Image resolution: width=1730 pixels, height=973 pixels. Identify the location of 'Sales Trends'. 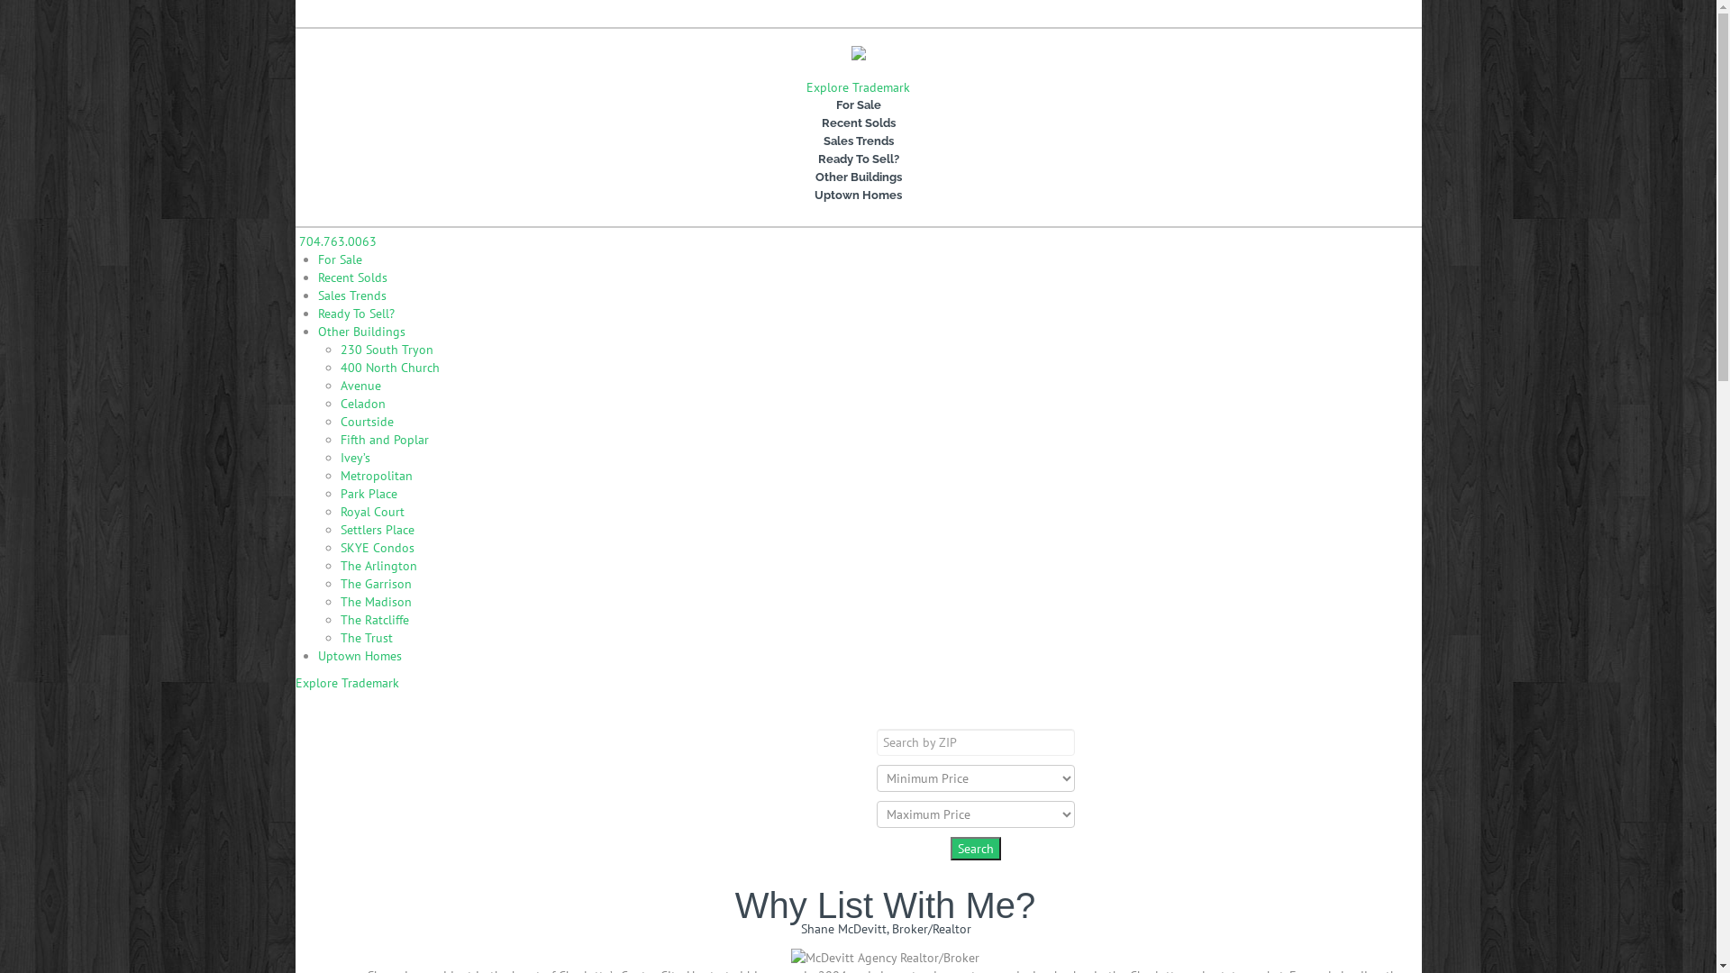
(858, 141).